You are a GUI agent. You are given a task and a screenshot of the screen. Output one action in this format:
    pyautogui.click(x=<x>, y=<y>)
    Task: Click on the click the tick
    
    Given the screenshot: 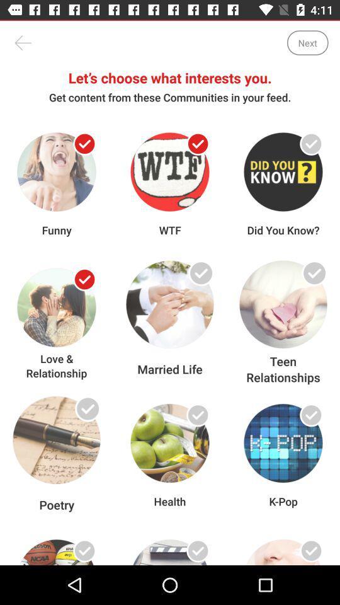 What is the action you would take?
    pyautogui.click(x=310, y=550)
    